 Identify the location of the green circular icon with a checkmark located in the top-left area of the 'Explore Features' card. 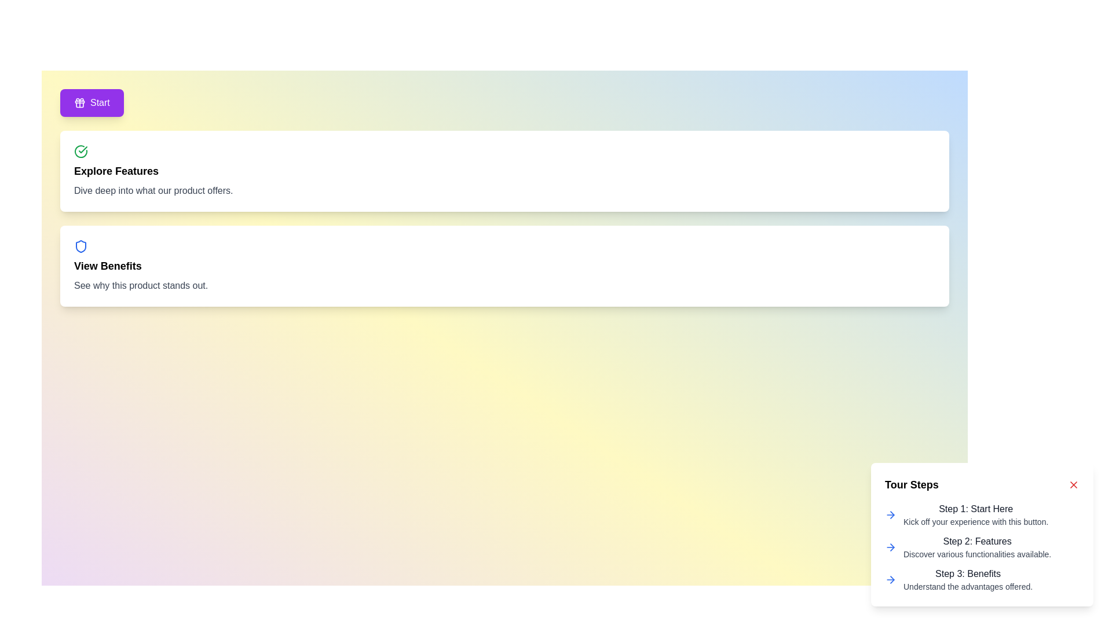
(80, 151).